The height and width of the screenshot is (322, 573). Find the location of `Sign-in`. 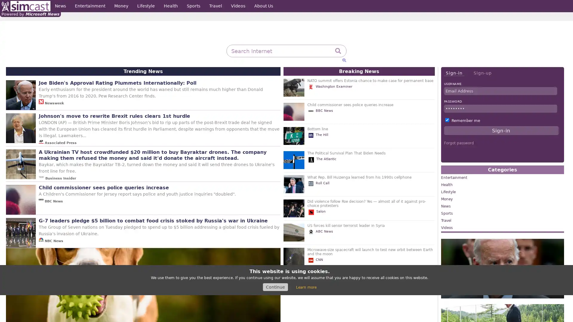

Sign-in is located at coordinates (501, 130).